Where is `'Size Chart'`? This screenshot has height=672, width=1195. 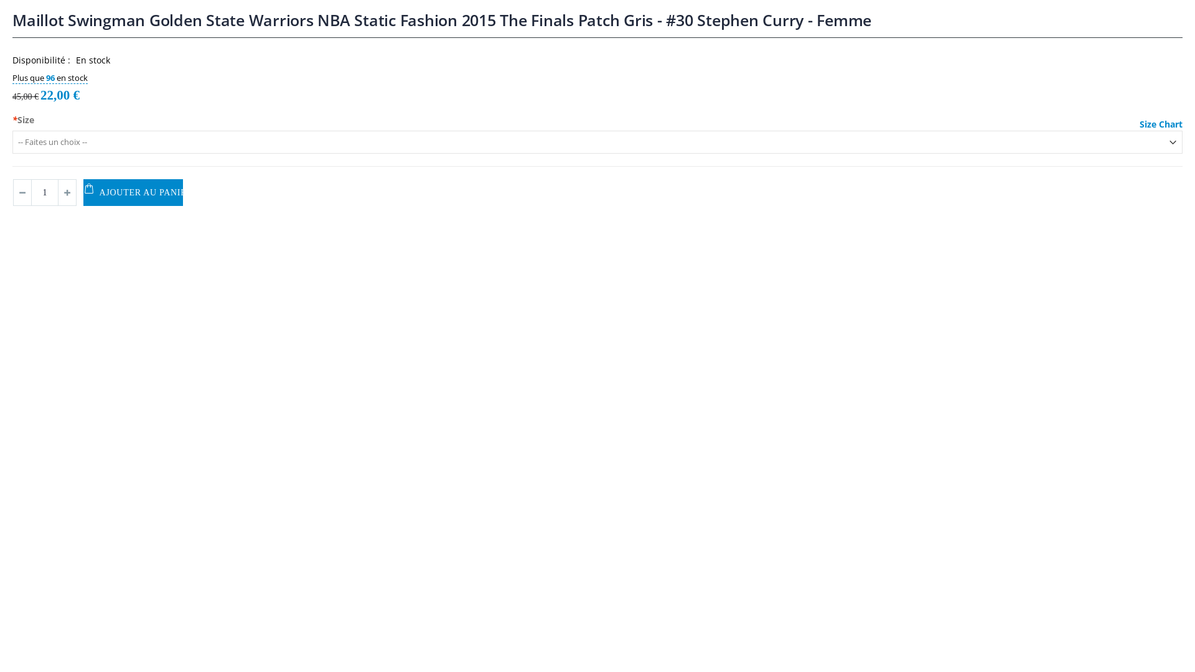
'Size Chart' is located at coordinates (1160, 124).